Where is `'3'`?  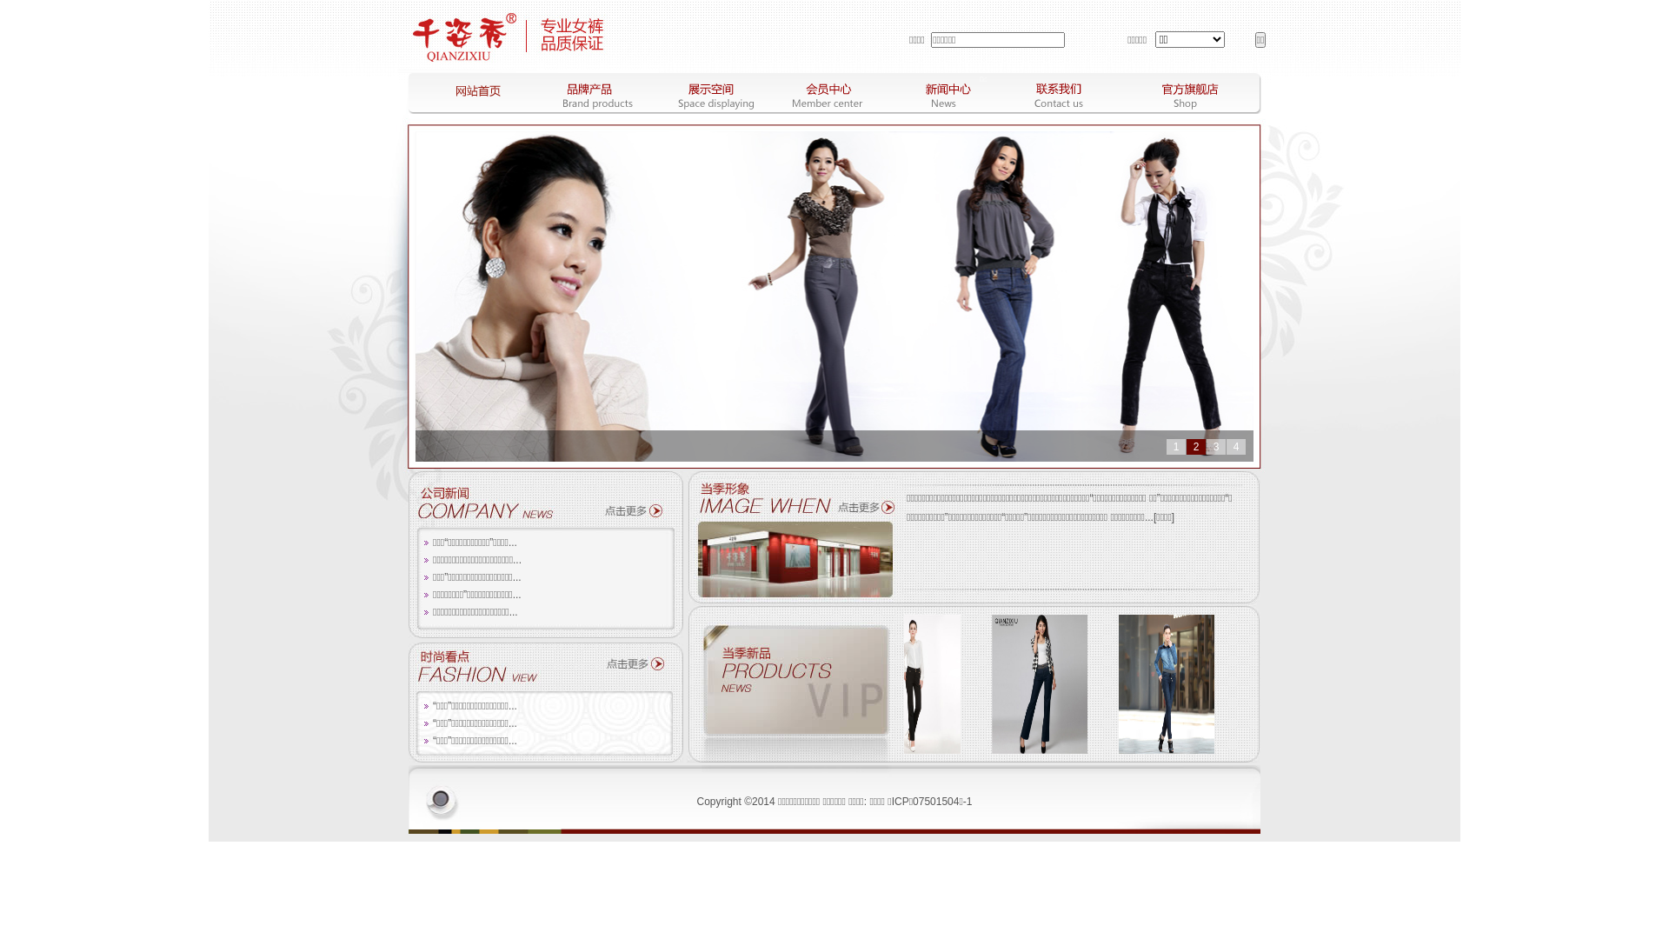
'3' is located at coordinates (1214, 445).